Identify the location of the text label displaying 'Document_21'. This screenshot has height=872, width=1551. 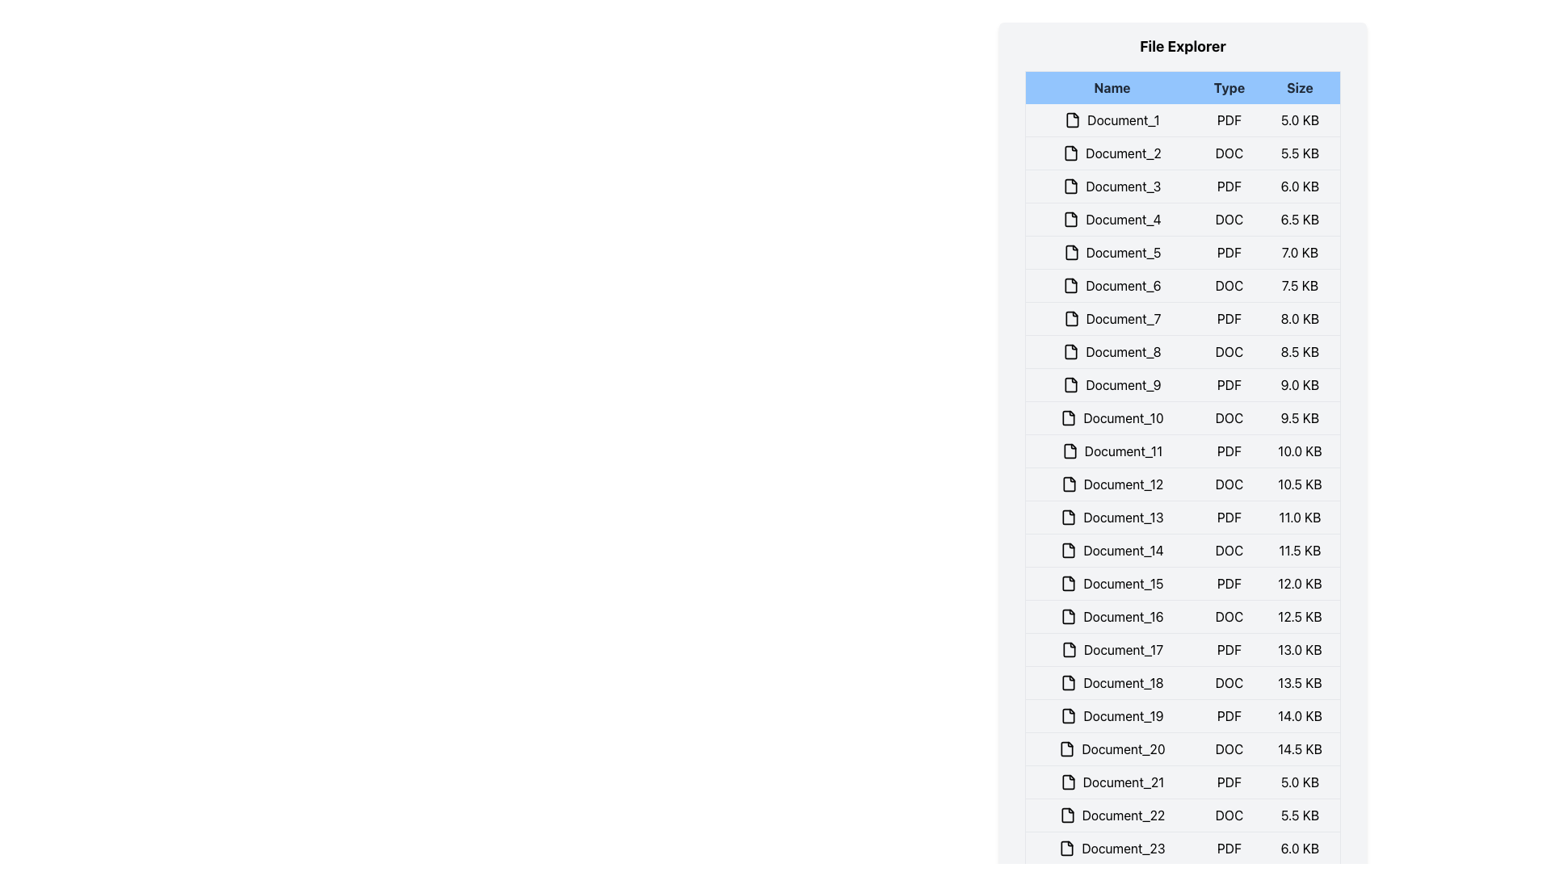
(1112, 781).